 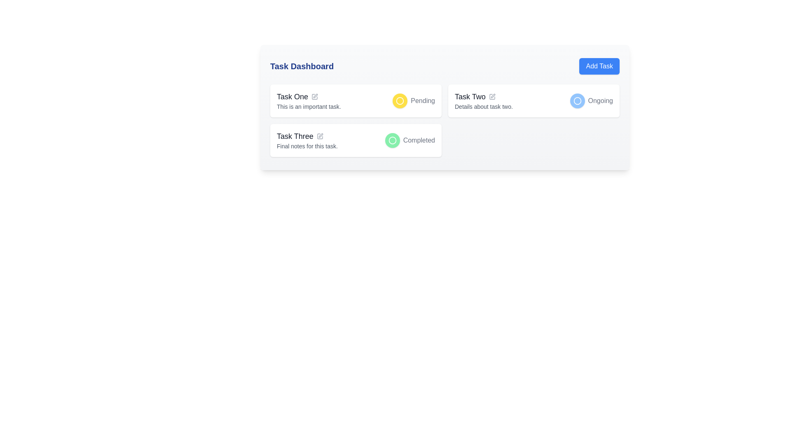 I want to click on the Text Label displaying 'Task Three', so click(x=295, y=136).